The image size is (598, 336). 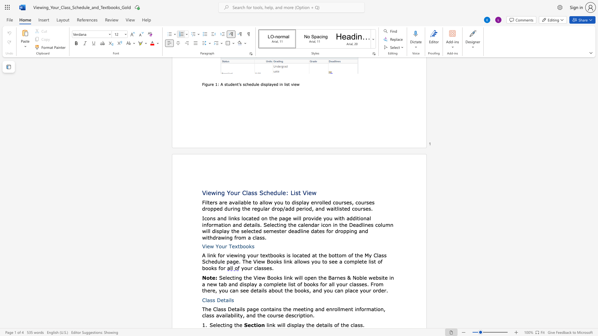 What do you see at coordinates (354, 218) in the screenshot?
I see `the 2th character "d" in the text` at bounding box center [354, 218].